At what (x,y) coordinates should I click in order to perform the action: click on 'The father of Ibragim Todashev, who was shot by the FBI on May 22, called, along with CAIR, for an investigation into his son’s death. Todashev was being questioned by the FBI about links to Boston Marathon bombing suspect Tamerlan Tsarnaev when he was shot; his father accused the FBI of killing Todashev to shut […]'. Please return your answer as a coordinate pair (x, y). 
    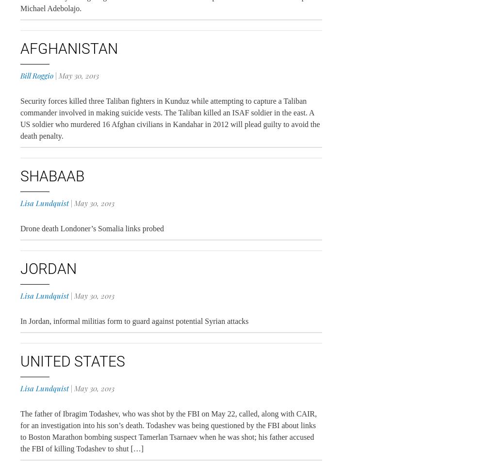
    Looking at the image, I should click on (168, 431).